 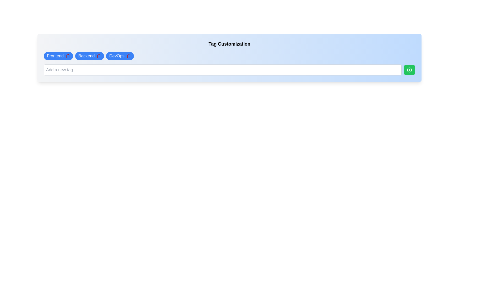 I want to click on the icon button located at the right end of the text input field, so click(x=409, y=69).